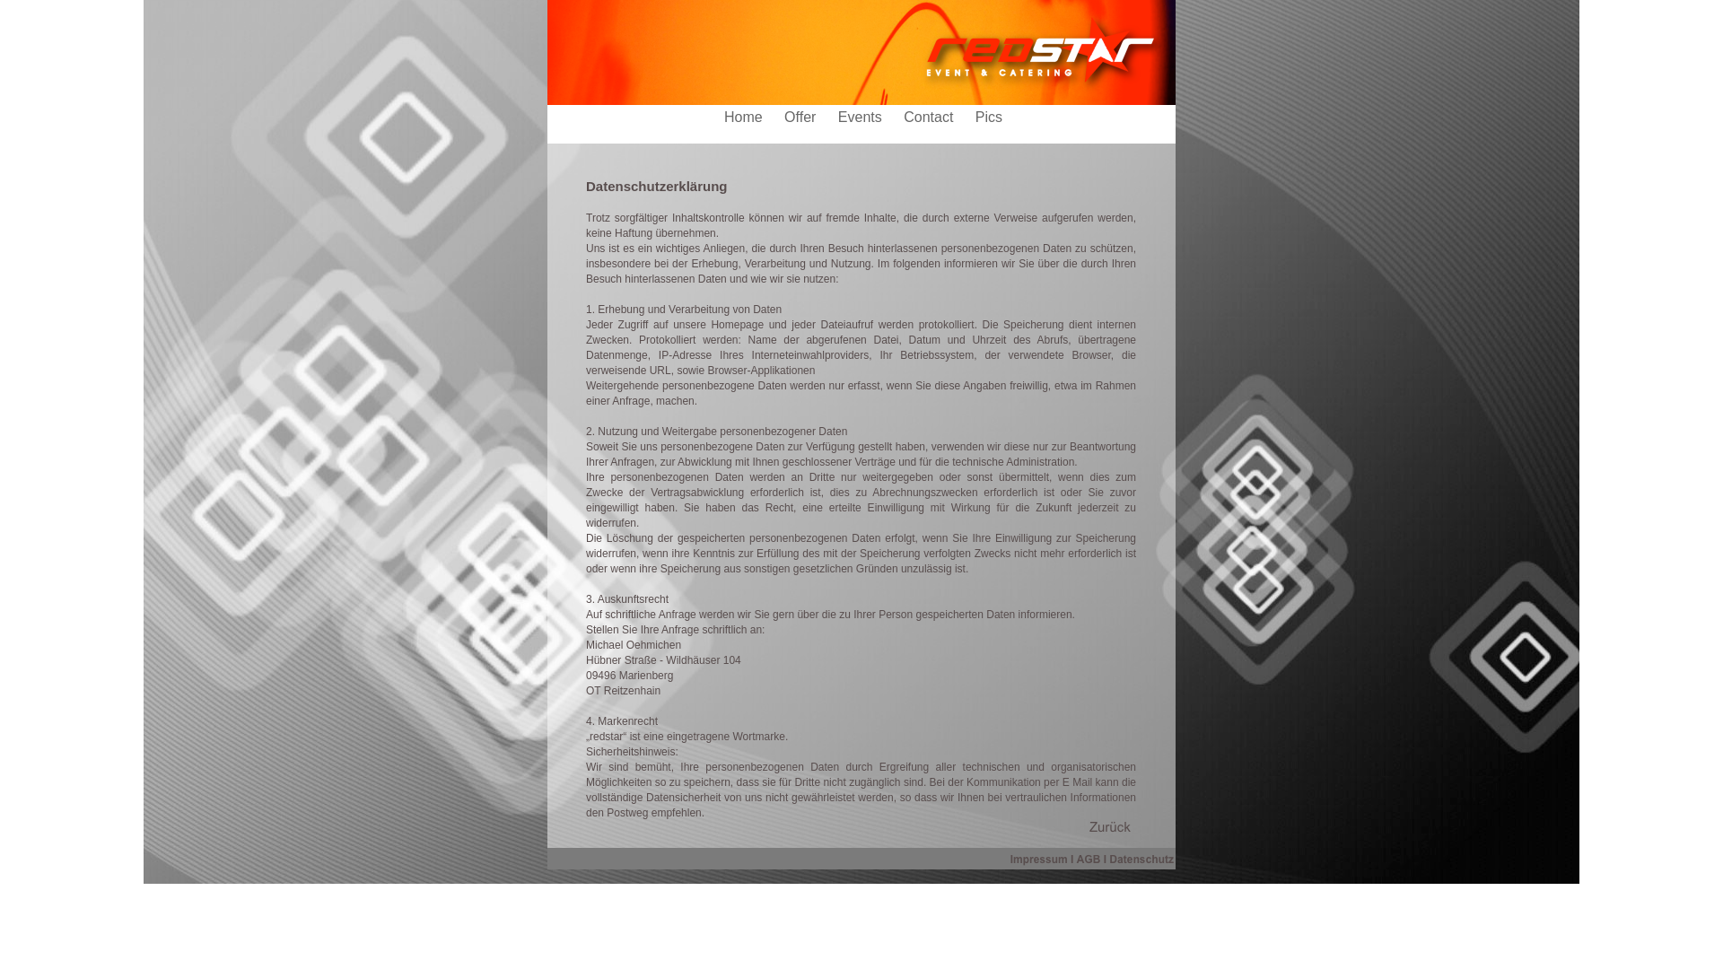 This screenshot has width=1723, height=969. Describe the element at coordinates (930, 117) in the screenshot. I see `'Contact'` at that location.